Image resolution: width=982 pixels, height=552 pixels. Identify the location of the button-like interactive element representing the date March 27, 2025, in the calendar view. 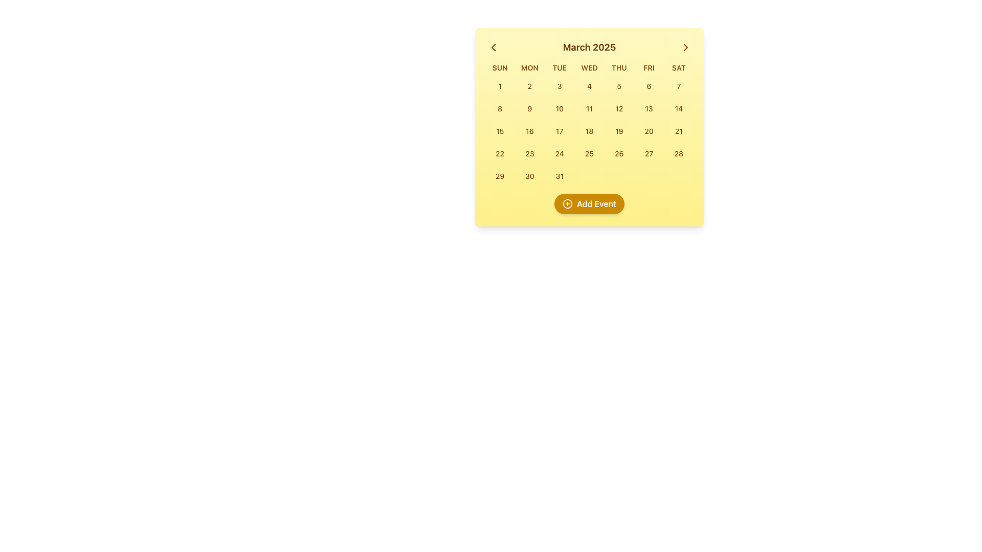
(649, 153).